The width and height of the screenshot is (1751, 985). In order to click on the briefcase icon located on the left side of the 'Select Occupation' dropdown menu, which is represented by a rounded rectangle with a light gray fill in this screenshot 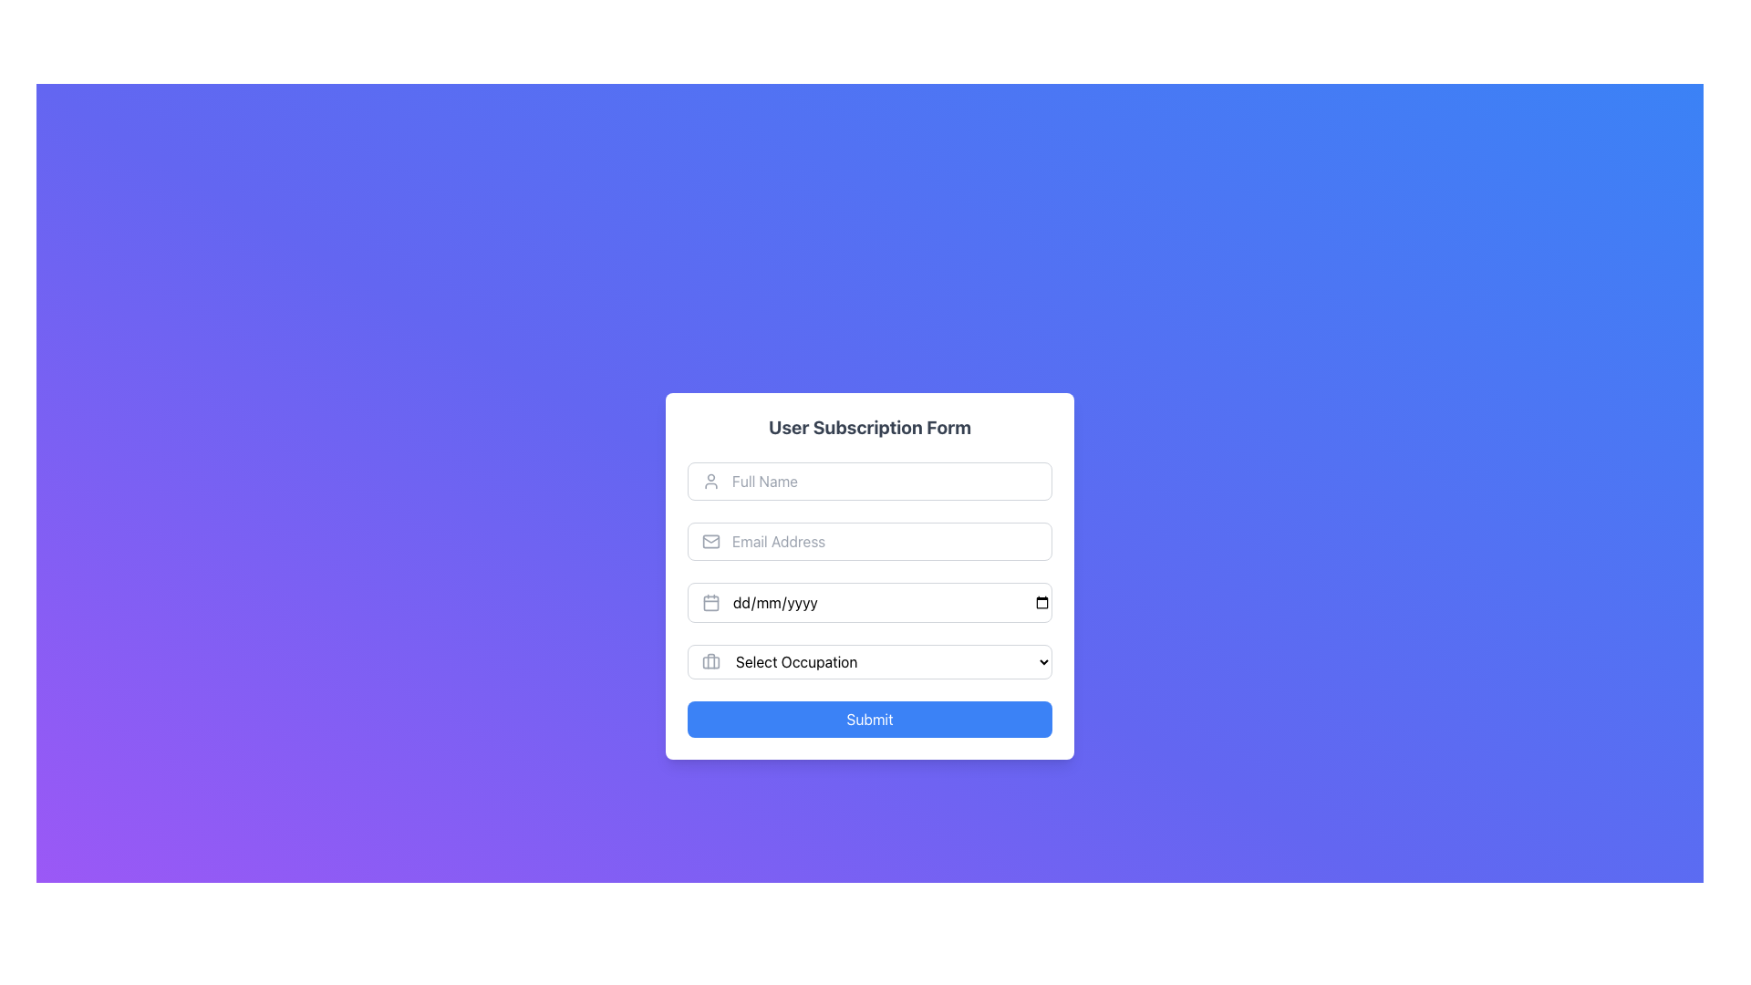, I will do `click(710, 661)`.